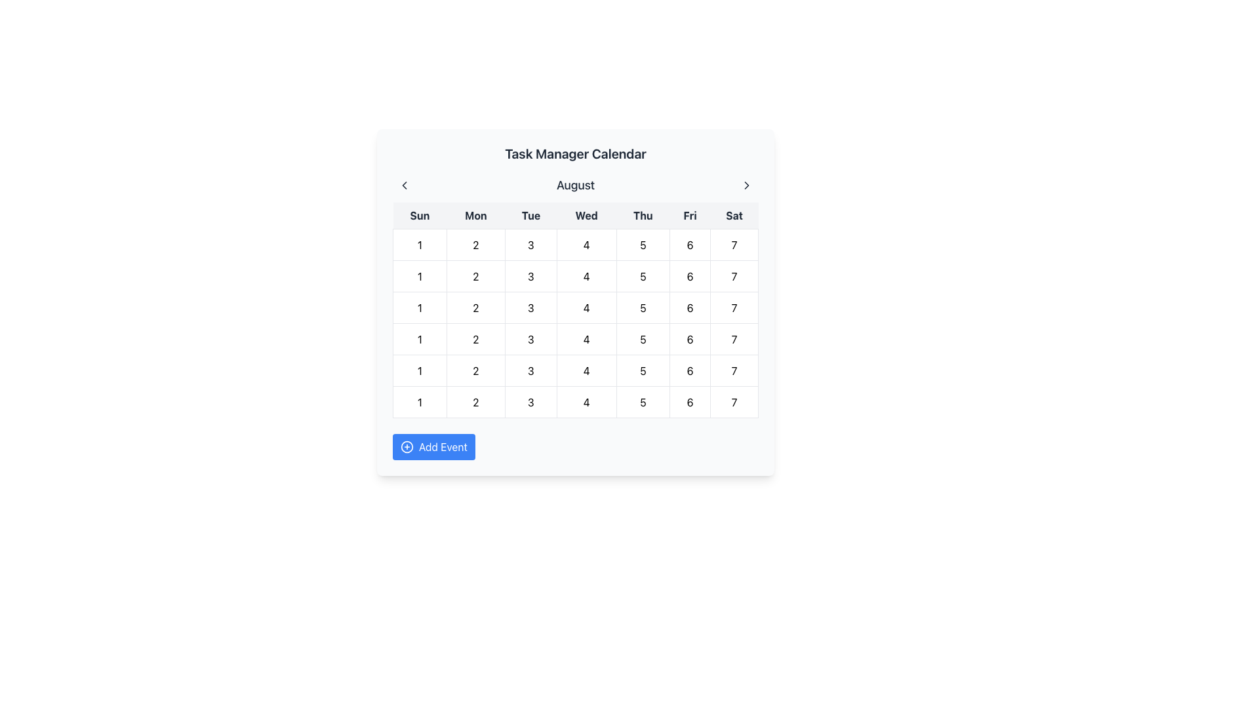 Image resolution: width=1259 pixels, height=708 pixels. What do you see at coordinates (576, 185) in the screenshot?
I see `the text label displaying the currently selected month in the calendar interface, located at the center of the calendar toolbar` at bounding box center [576, 185].